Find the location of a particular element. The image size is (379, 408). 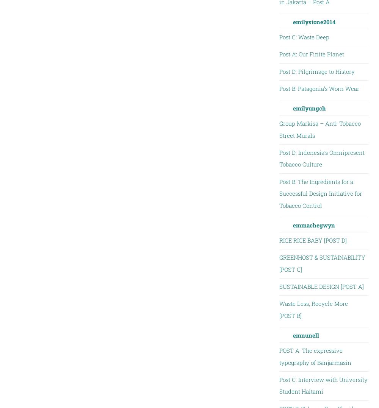

'emilyungch' is located at coordinates (309, 108).